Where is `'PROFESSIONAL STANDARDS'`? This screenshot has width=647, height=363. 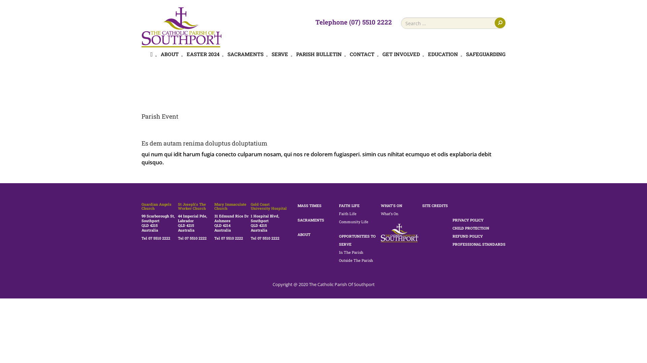 'PROFESSIONAL STANDARDS' is located at coordinates (479, 244).